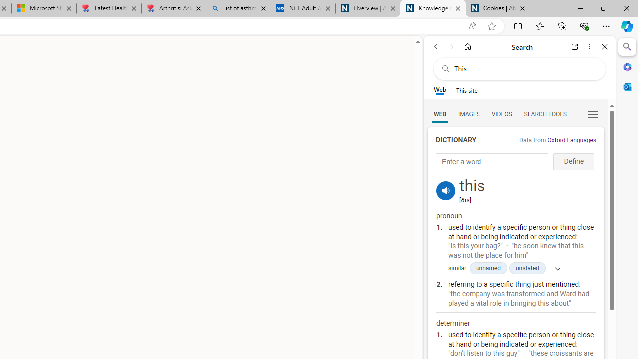  I want to click on 'Favorites', so click(539, 25).